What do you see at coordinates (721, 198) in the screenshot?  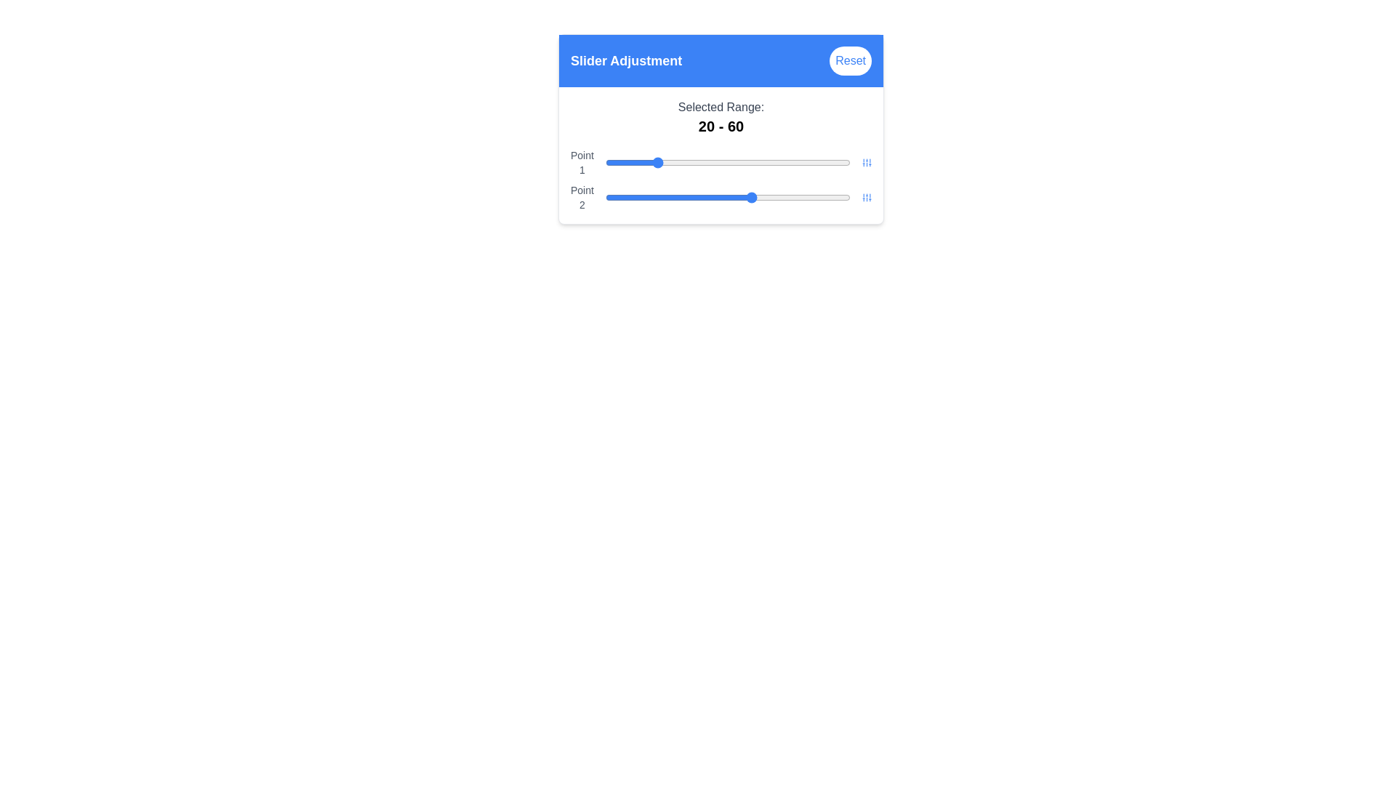 I see `or tap on the slider thumb of the range slider located below 'Point 1' to adjust its value` at bounding box center [721, 198].